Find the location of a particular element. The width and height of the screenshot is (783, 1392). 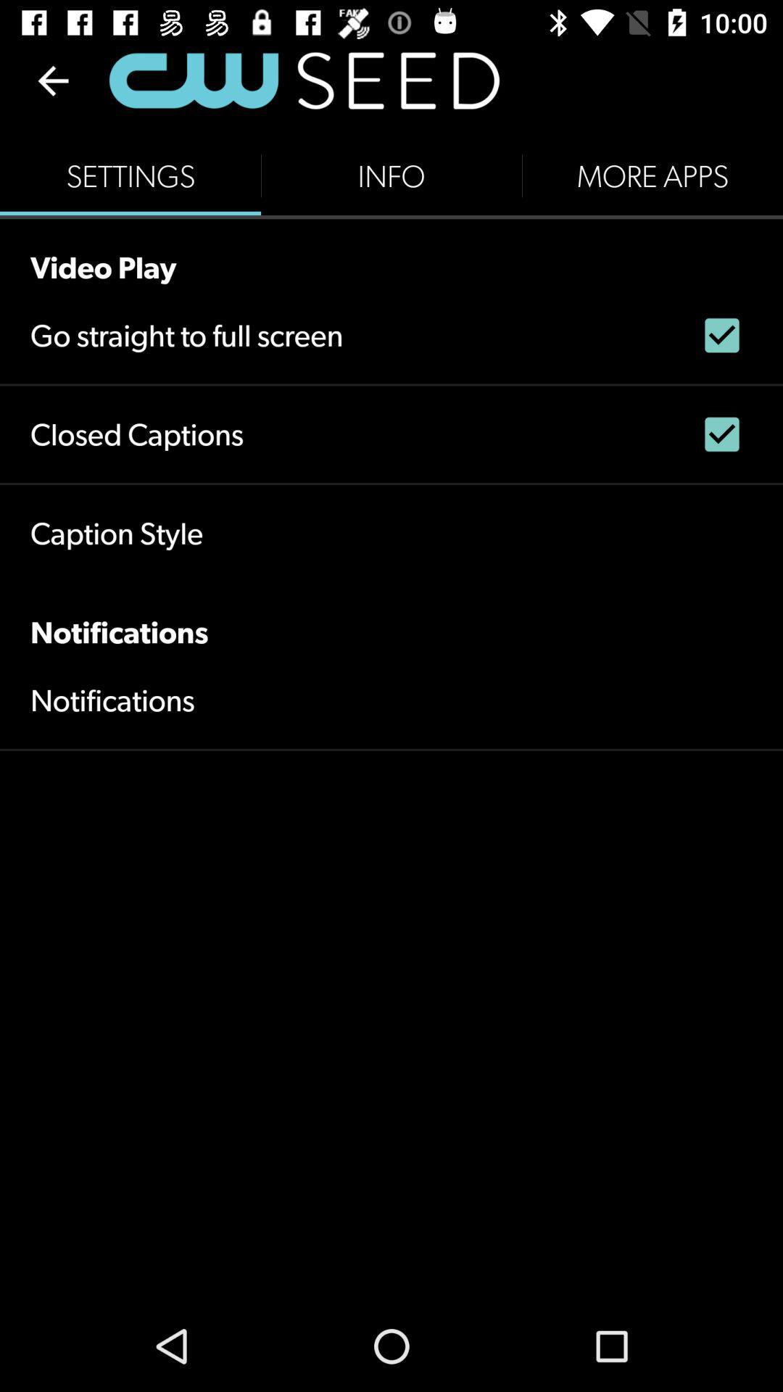

the item to the right of the info item is located at coordinates (651, 175).